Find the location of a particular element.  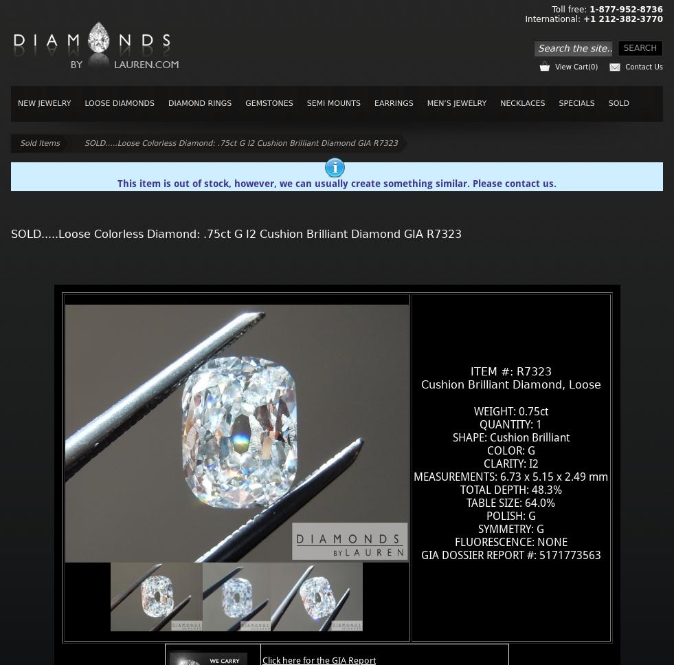

'SHAPE: Cushion Brilliant' is located at coordinates (510, 436).